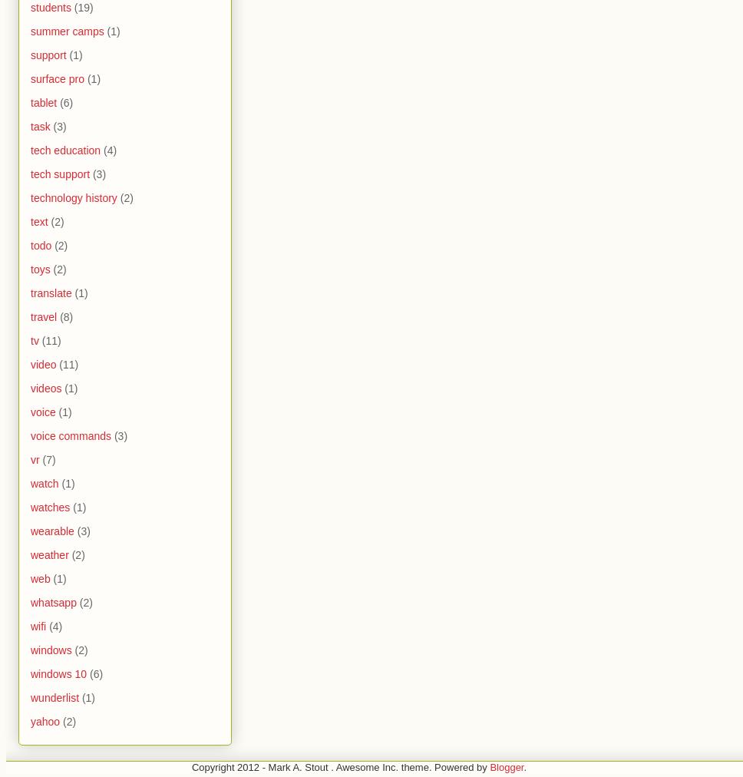  I want to click on 'students', so click(50, 7).